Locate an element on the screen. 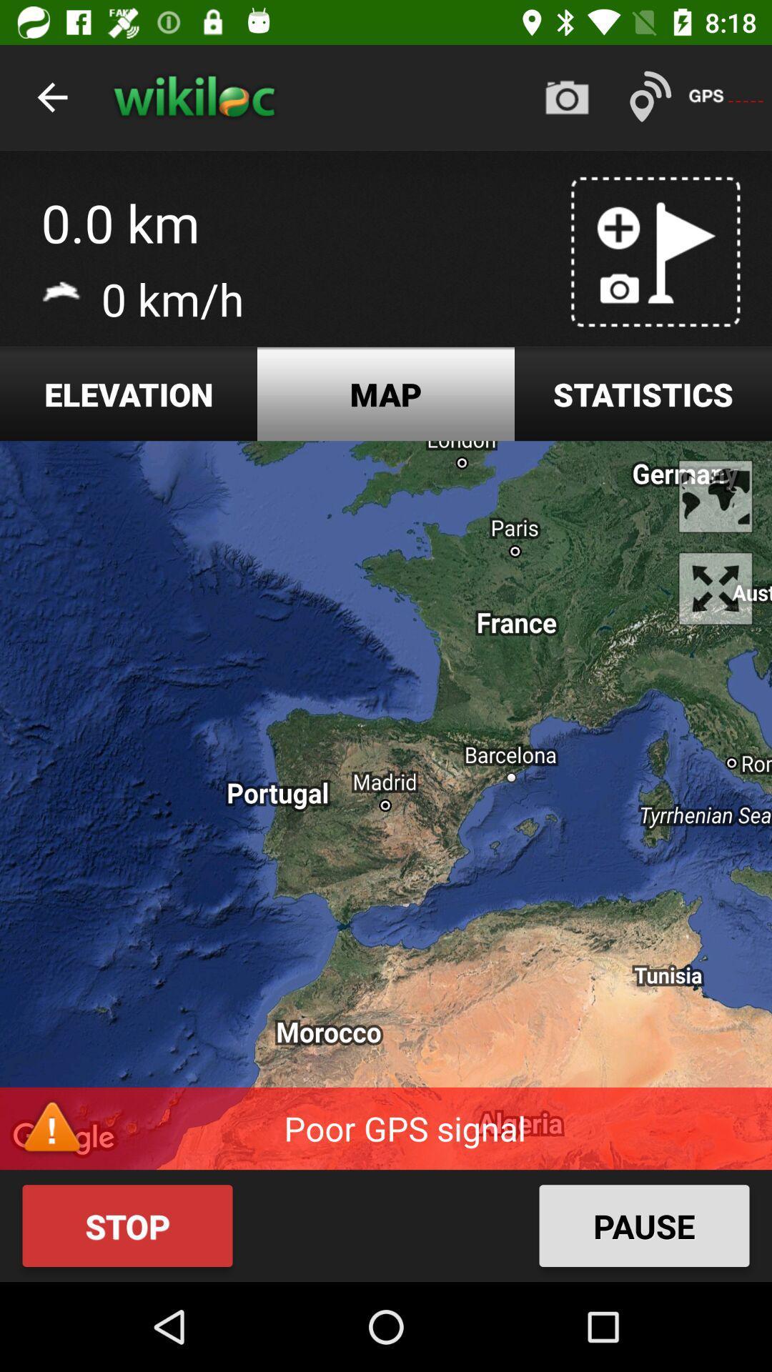 This screenshot has height=1372, width=772. the icon at the bottom right corner is located at coordinates (644, 1225).